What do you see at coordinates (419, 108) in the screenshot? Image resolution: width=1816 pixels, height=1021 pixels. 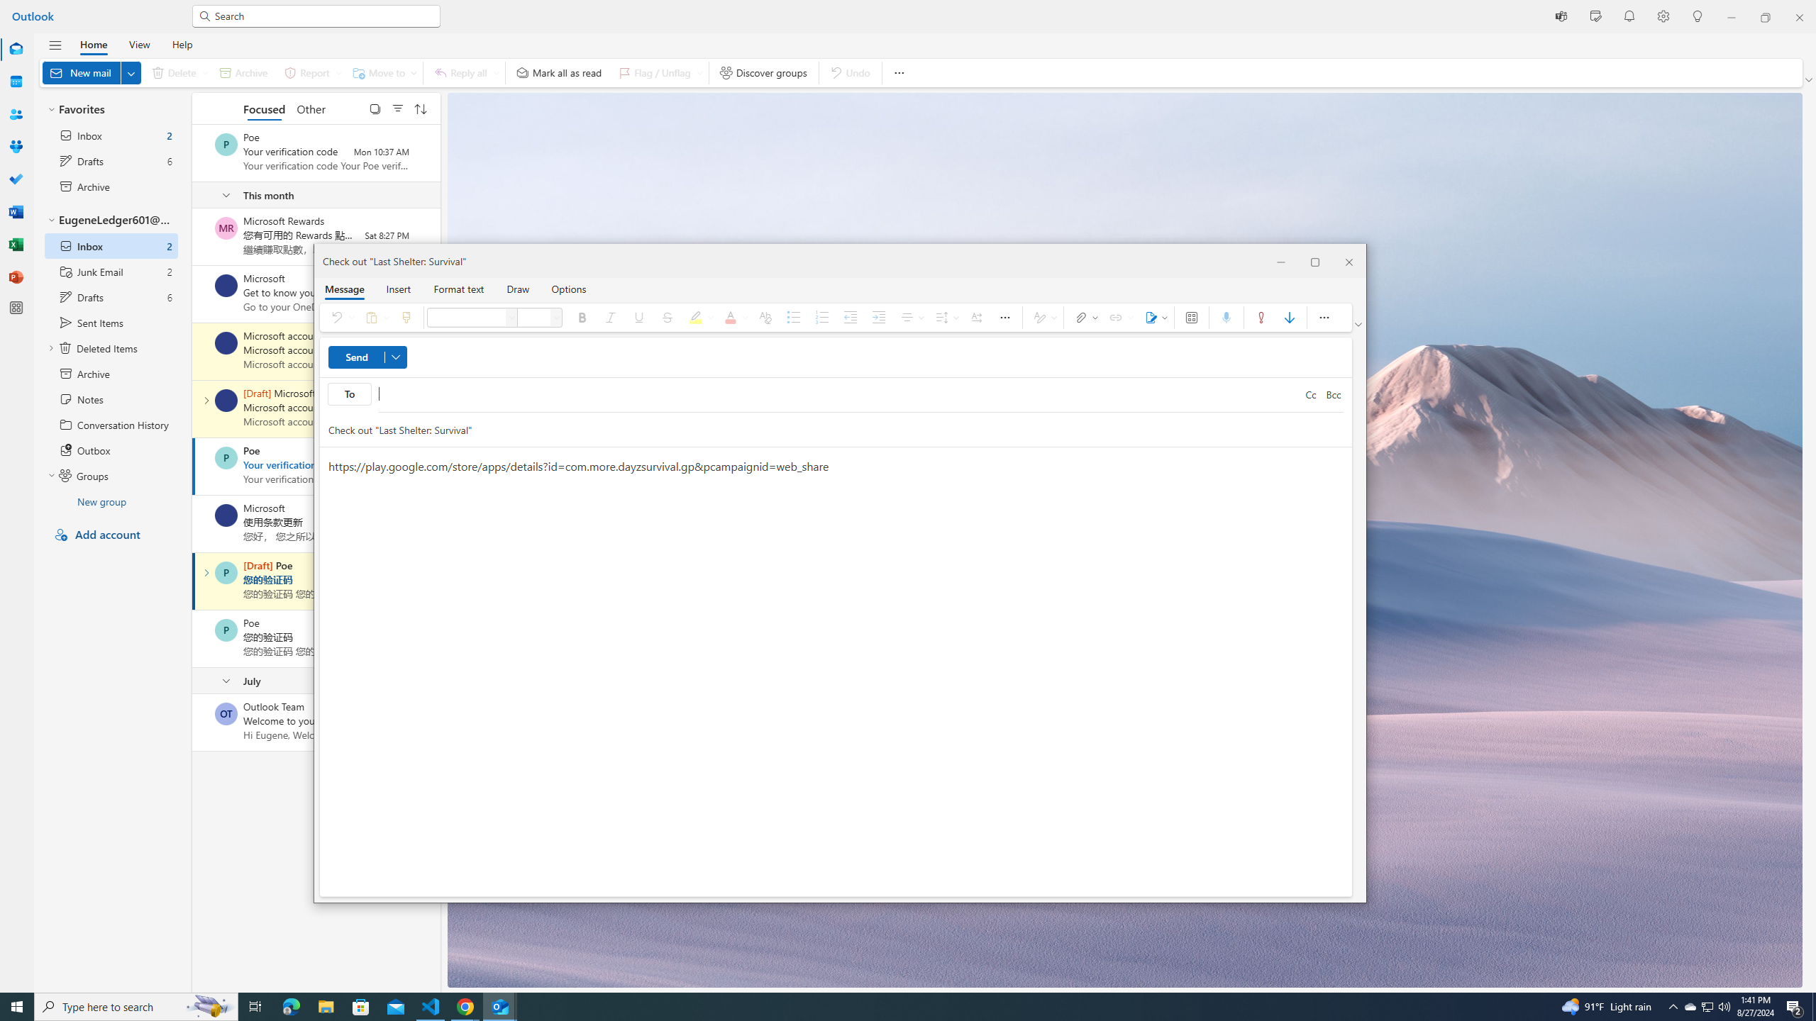 I see `'Sorted: By Date'` at bounding box center [419, 108].